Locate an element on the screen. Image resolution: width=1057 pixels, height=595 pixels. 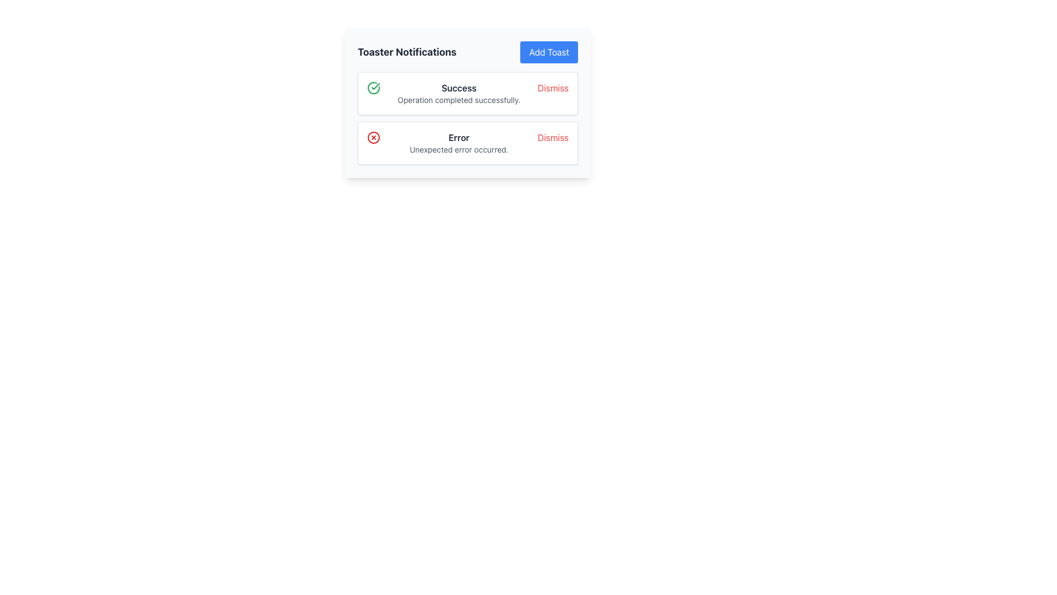
the error icon located in the error toast notification, which is positioned to the left of the 'Error' label and above the error description text is located at coordinates (373, 137).